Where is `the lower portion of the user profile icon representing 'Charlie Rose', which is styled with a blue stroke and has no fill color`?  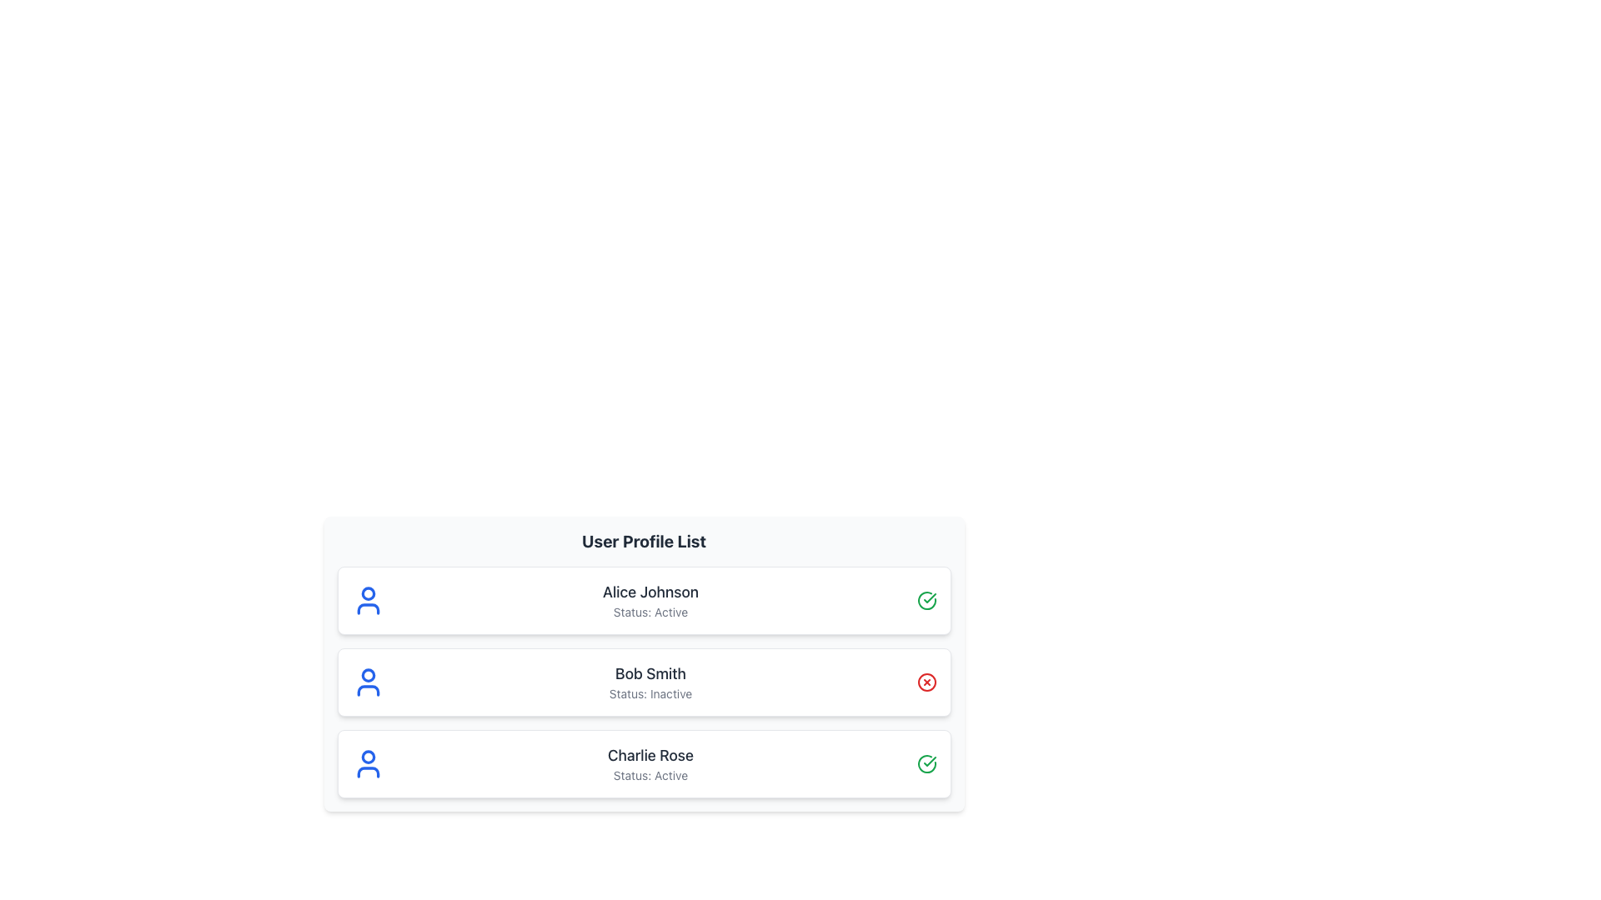
the lower portion of the user profile icon representing 'Charlie Rose', which is styled with a blue stroke and has no fill color is located at coordinates (367, 772).